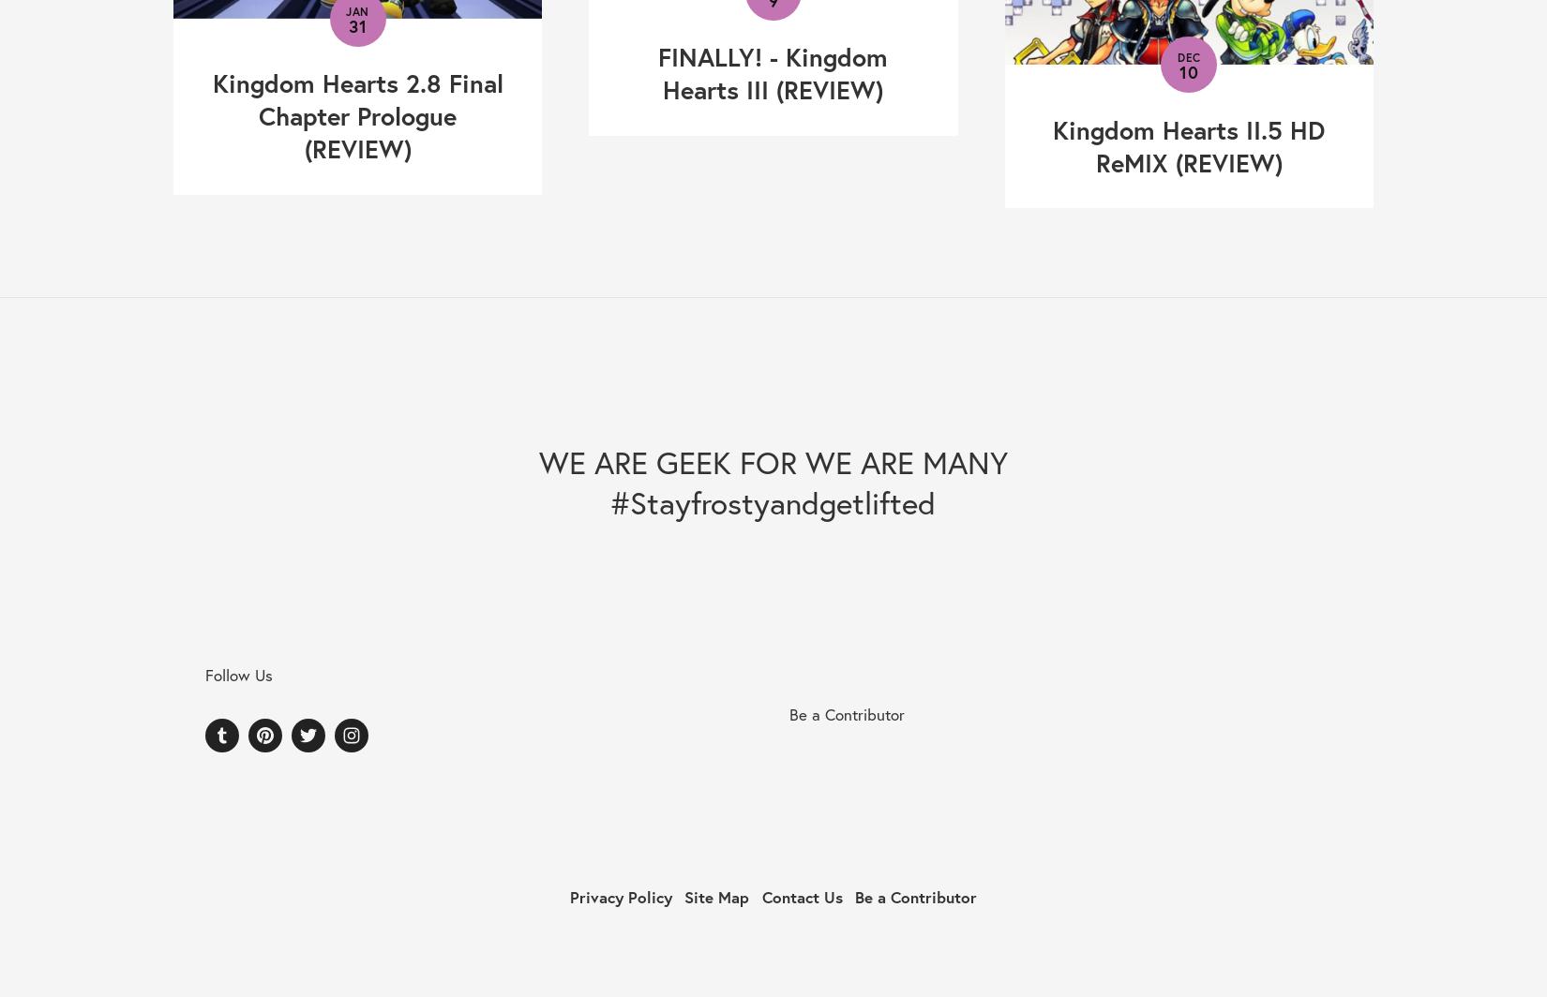 The image size is (1547, 997). Describe the element at coordinates (1187, 57) in the screenshot. I see `'Dec'` at that location.